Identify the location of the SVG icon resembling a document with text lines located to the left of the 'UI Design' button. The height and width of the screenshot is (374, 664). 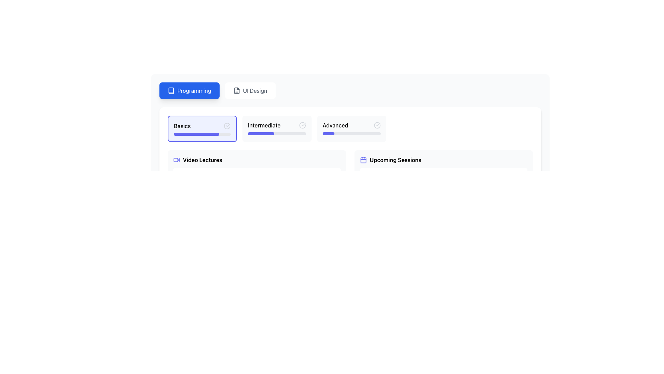
(237, 90).